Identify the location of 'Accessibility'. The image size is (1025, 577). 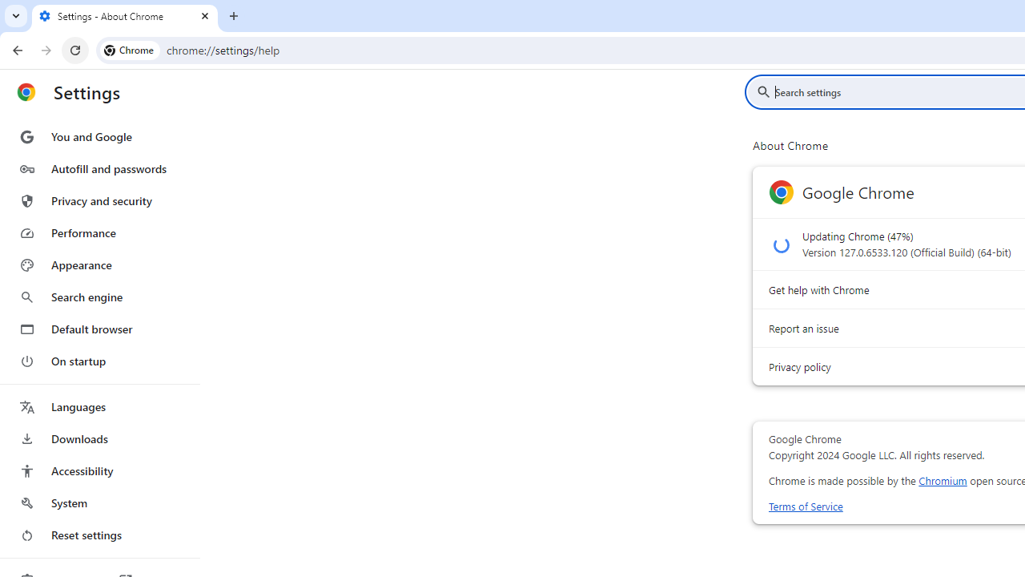
(98, 470).